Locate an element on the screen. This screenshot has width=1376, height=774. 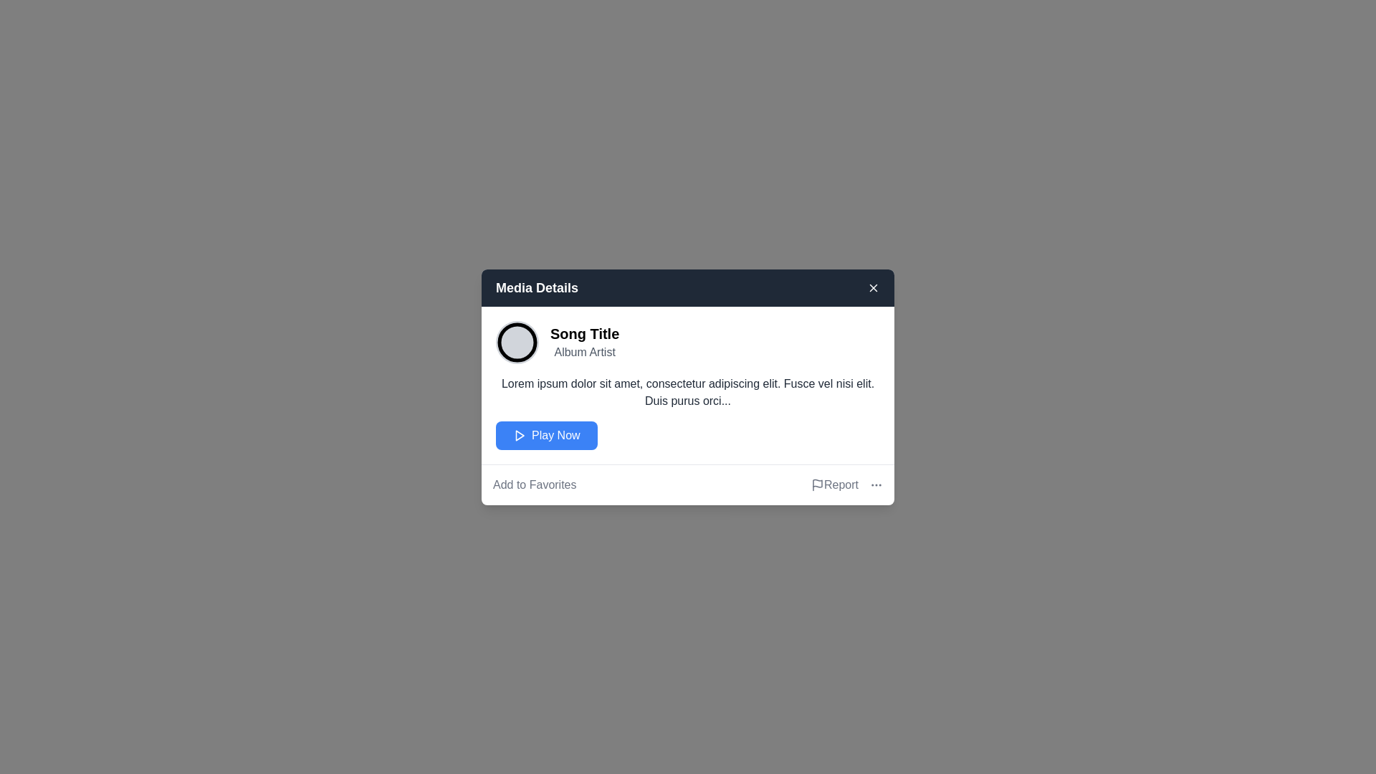
the blue triangular play icon located within the 'Play Now' button to play the media is located at coordinates (519, 434).